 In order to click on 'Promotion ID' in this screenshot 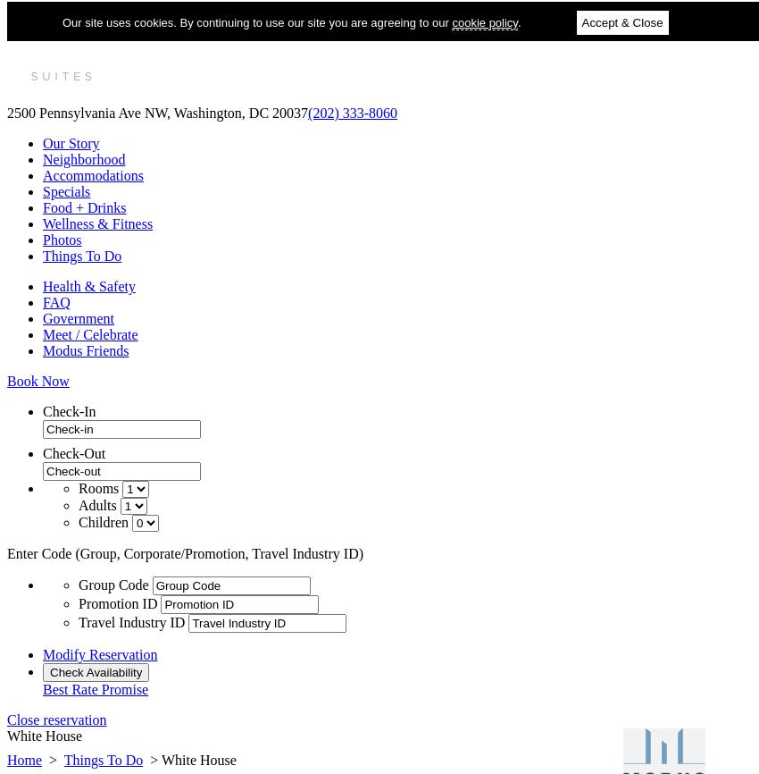, I will do `click(118, 602)`.